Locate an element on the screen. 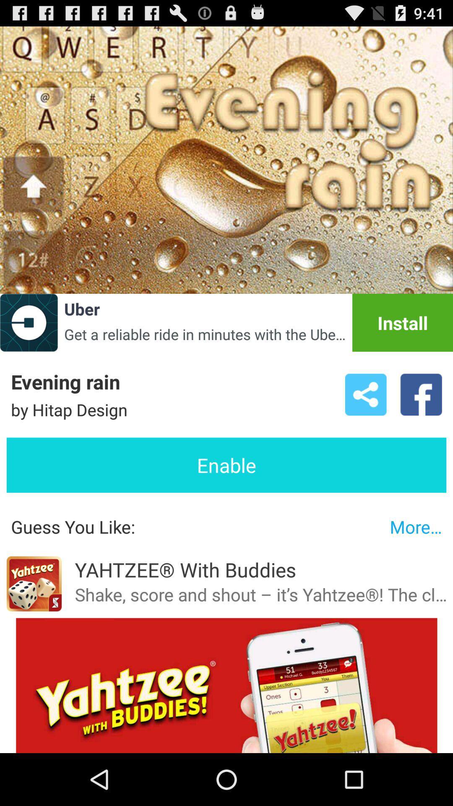 The width and height of the screenshot is (453, 806). the icon to the right of by hitap design is located at coordinates (365, 394).